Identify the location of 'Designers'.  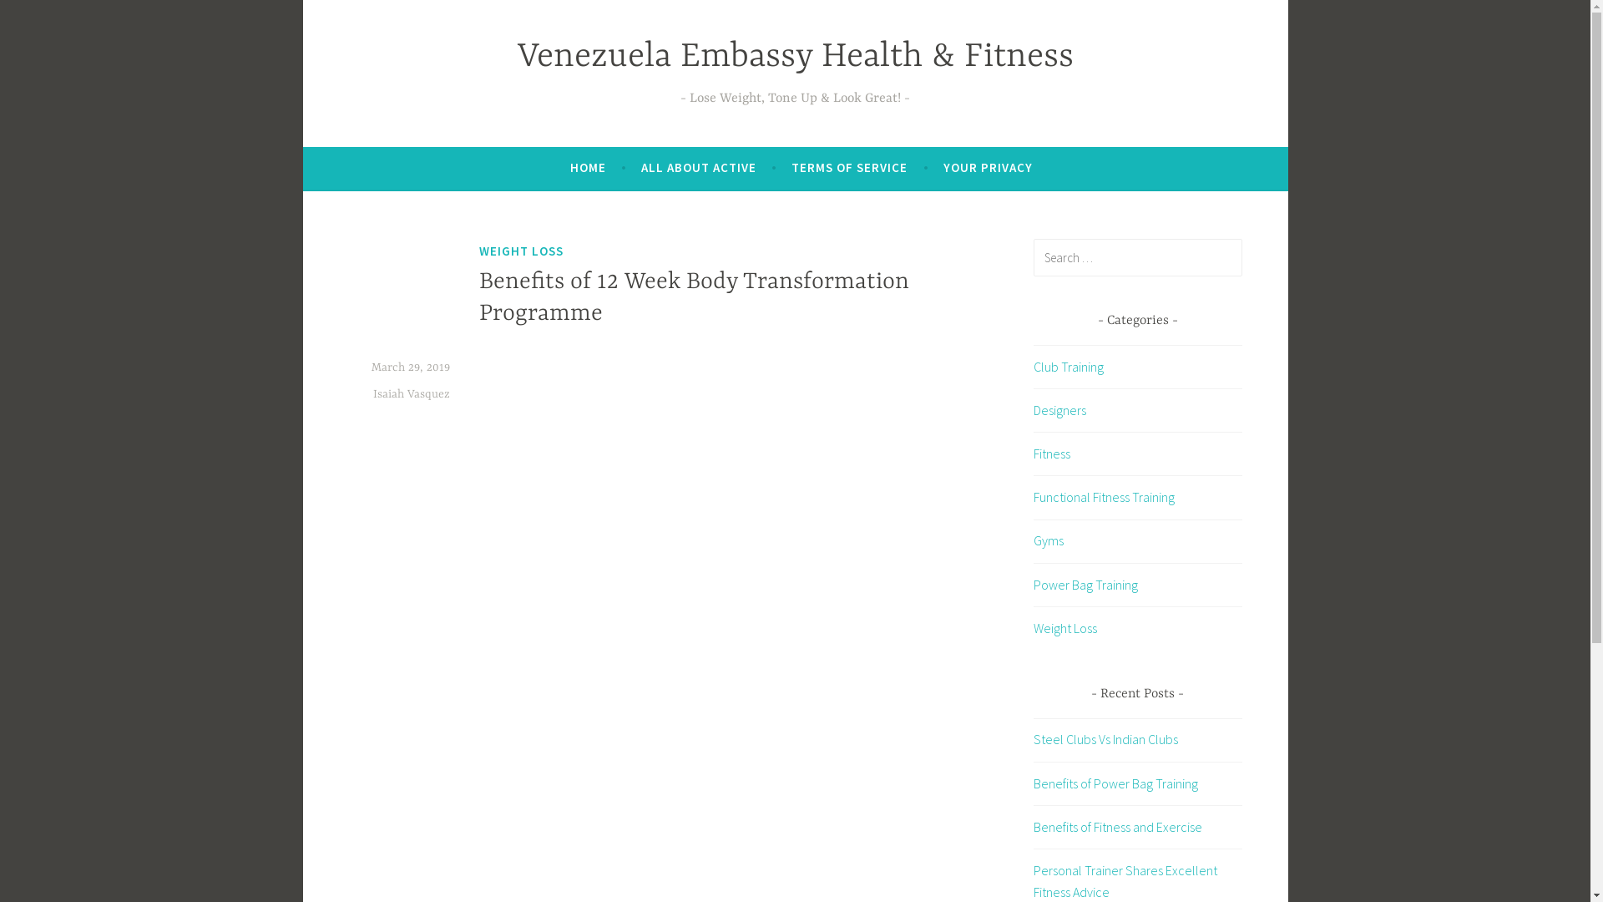
(1033, 409).